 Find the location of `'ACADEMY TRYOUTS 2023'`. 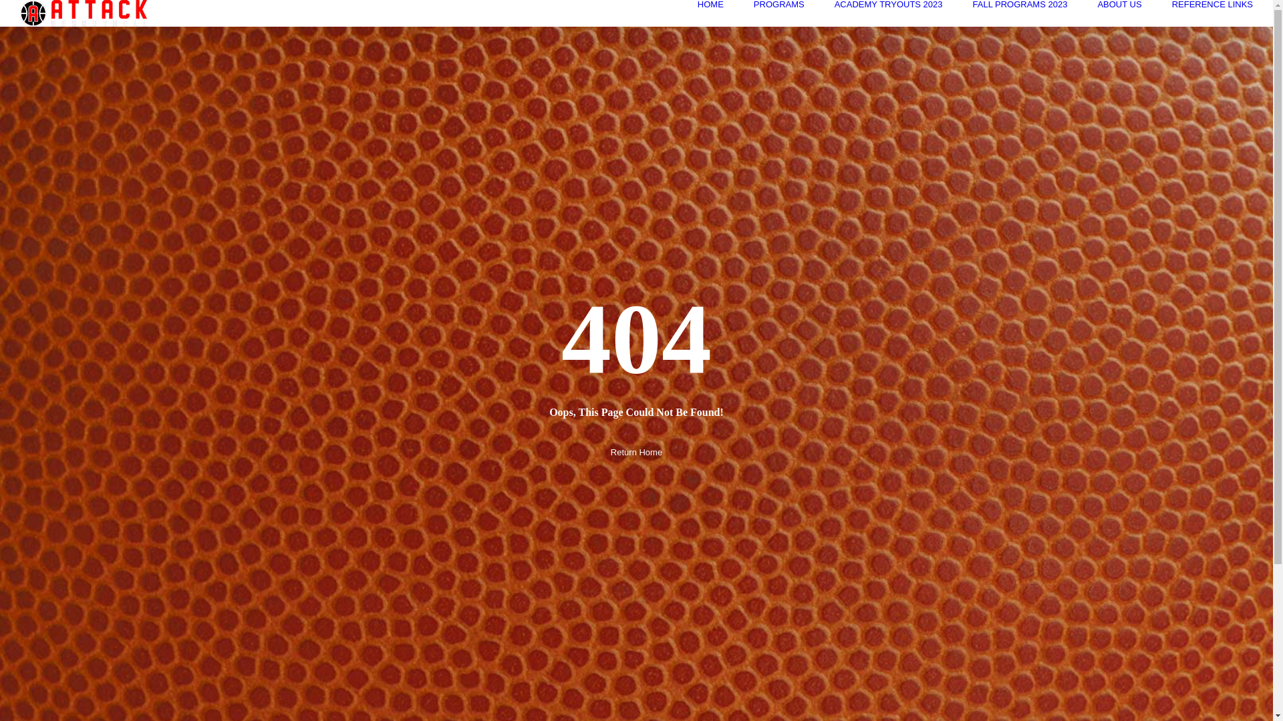

'ACADEMY TRYOUTS 2023' is located at coordinates (888, 4).